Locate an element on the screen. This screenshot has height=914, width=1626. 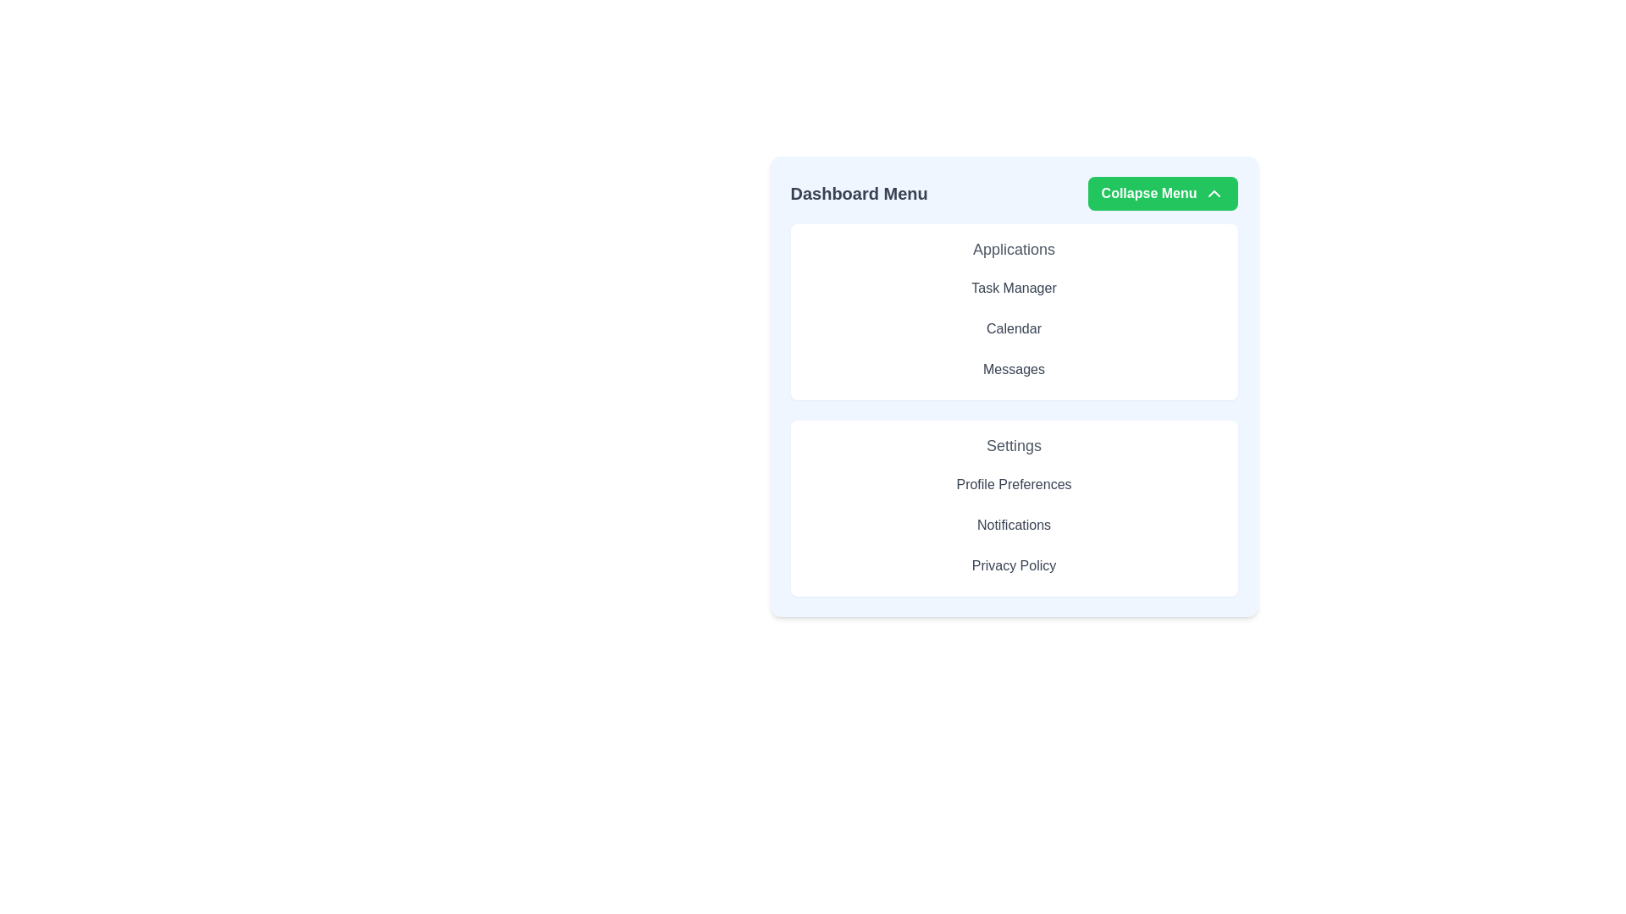
the 'Privacy Policy' text link located in the bottom part of the settings list is located at coordinates (1014, 565).